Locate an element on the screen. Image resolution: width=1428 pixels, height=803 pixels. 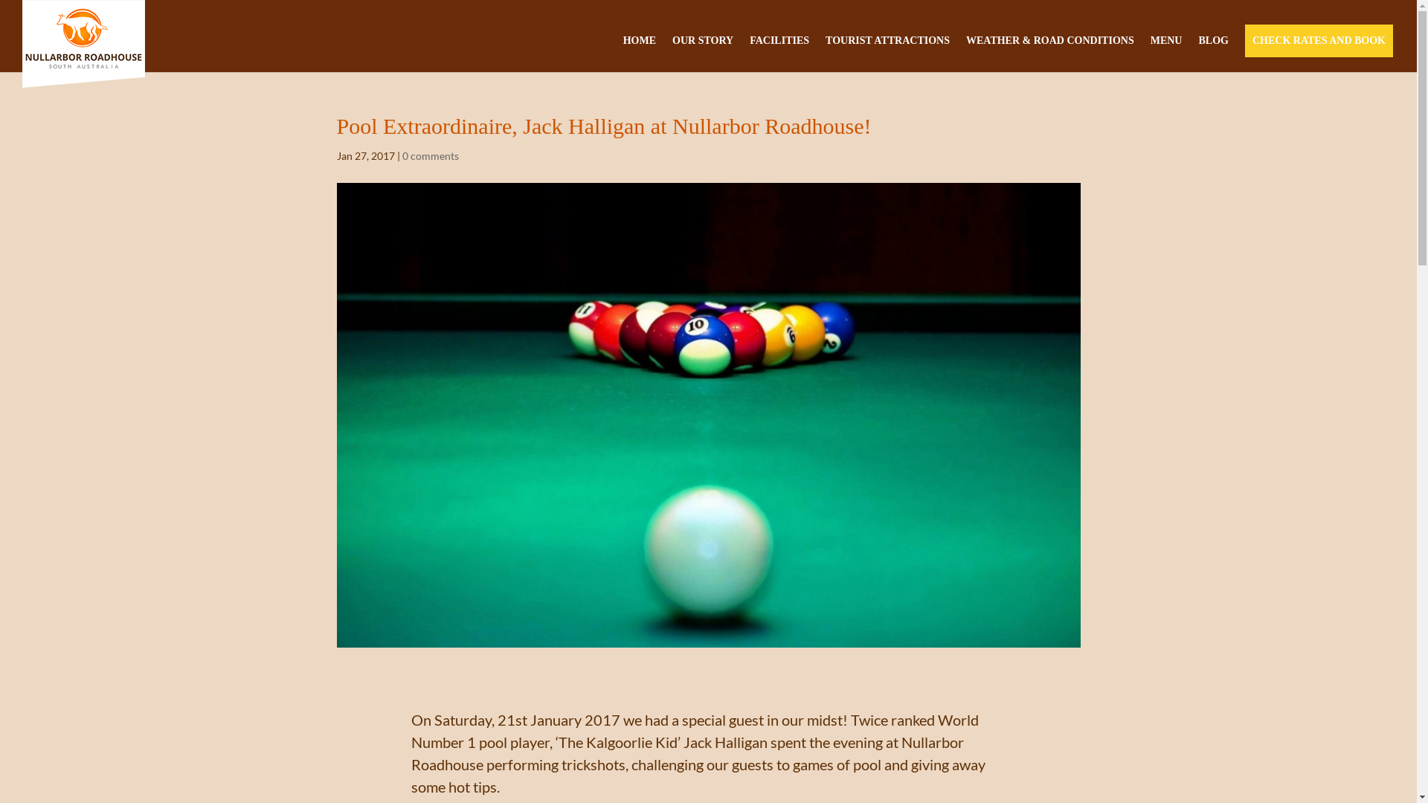
'TOURIST ATTRACTIONS' is located at coordinates (887, 45).